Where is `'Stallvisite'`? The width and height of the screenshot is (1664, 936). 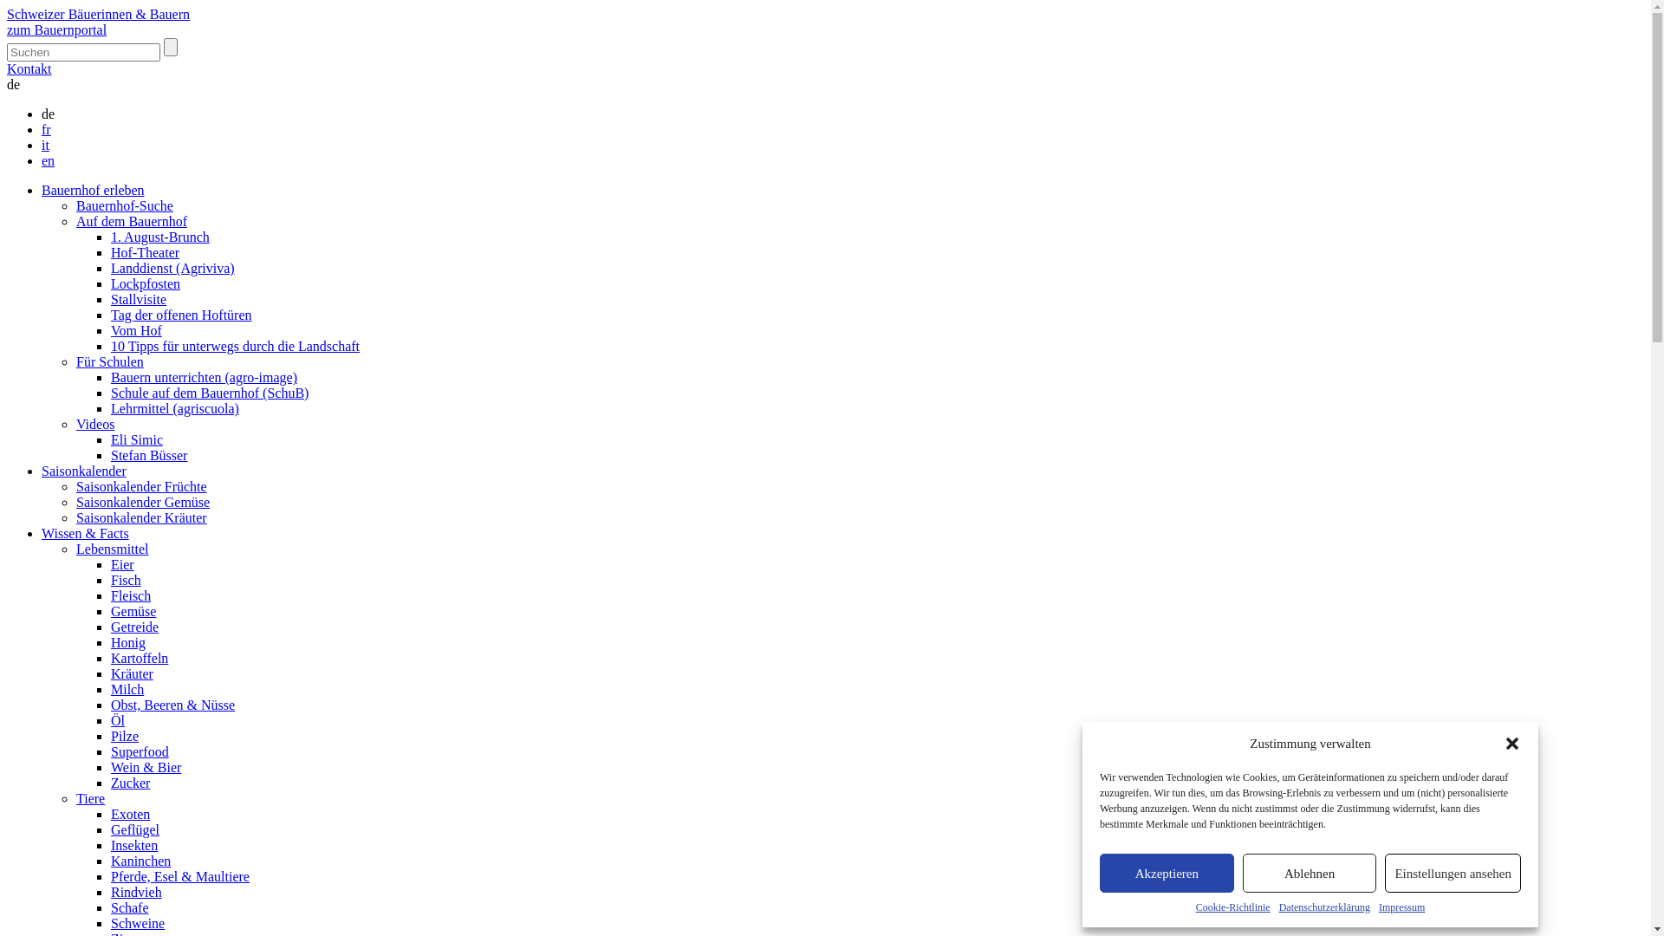
'Stallvisite' is located at coordinates (110, 298).